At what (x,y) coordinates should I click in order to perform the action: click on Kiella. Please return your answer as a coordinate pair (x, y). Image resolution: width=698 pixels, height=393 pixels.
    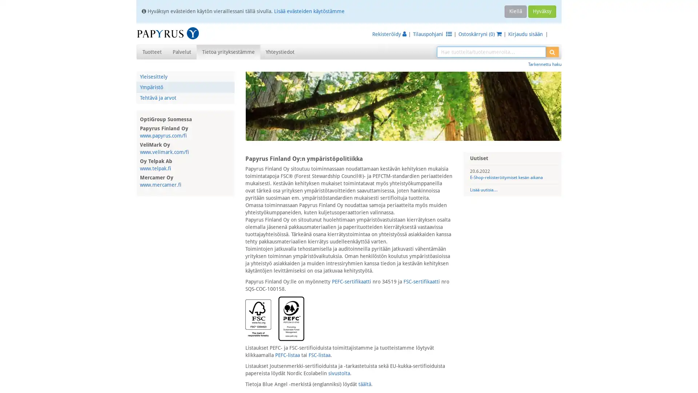
    Looking at the image, I should click on (515, 11).